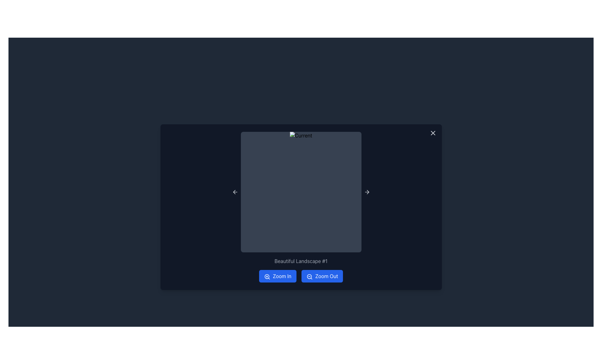 This screenshot has width=603, height=339. I want to click on the zoom-out icon located to the left of the 'Zoom Out' button text, within the same button component adjacent to the 'Zoom In' button, so click(309, 276).